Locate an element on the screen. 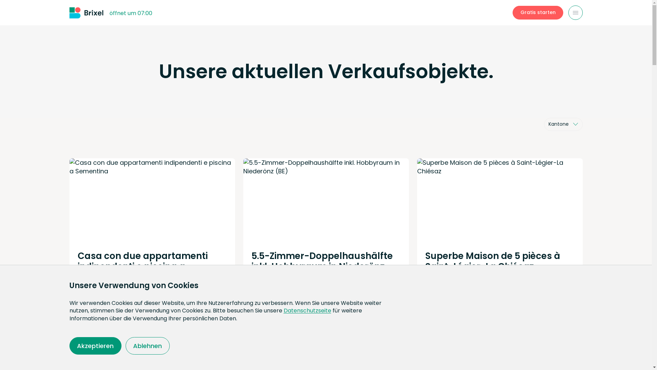 Image resolution: width=657 pixels, height=370 pixels. 'Gratis starten' is located at coordinates (537, 13).